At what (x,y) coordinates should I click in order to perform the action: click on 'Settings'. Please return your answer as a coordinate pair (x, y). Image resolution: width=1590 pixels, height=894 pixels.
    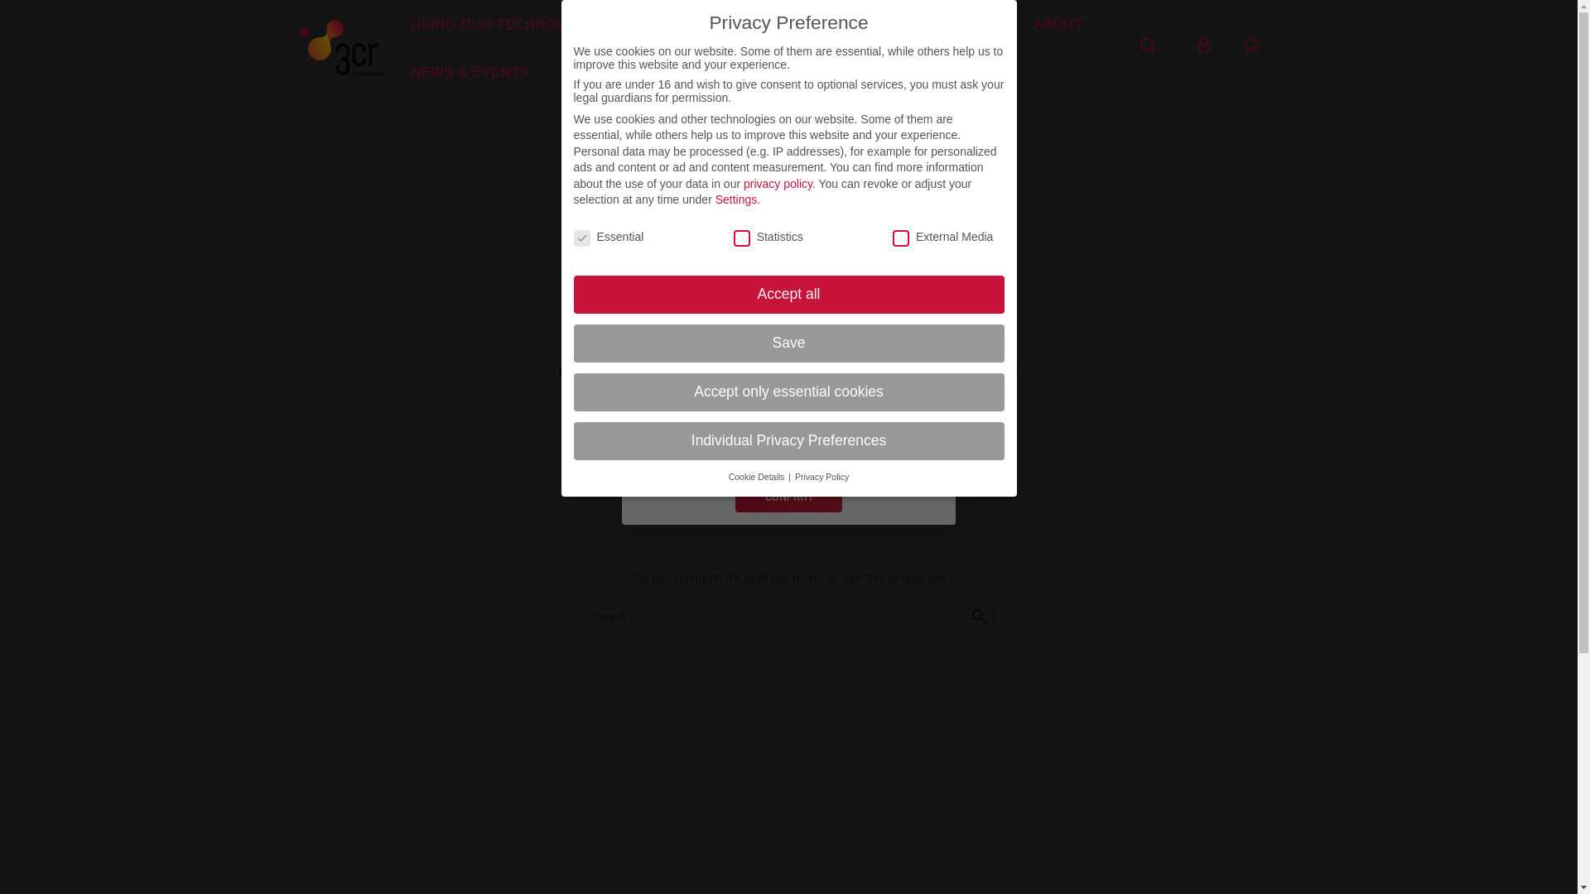
    Looking at the image, I should click on (715, 198).